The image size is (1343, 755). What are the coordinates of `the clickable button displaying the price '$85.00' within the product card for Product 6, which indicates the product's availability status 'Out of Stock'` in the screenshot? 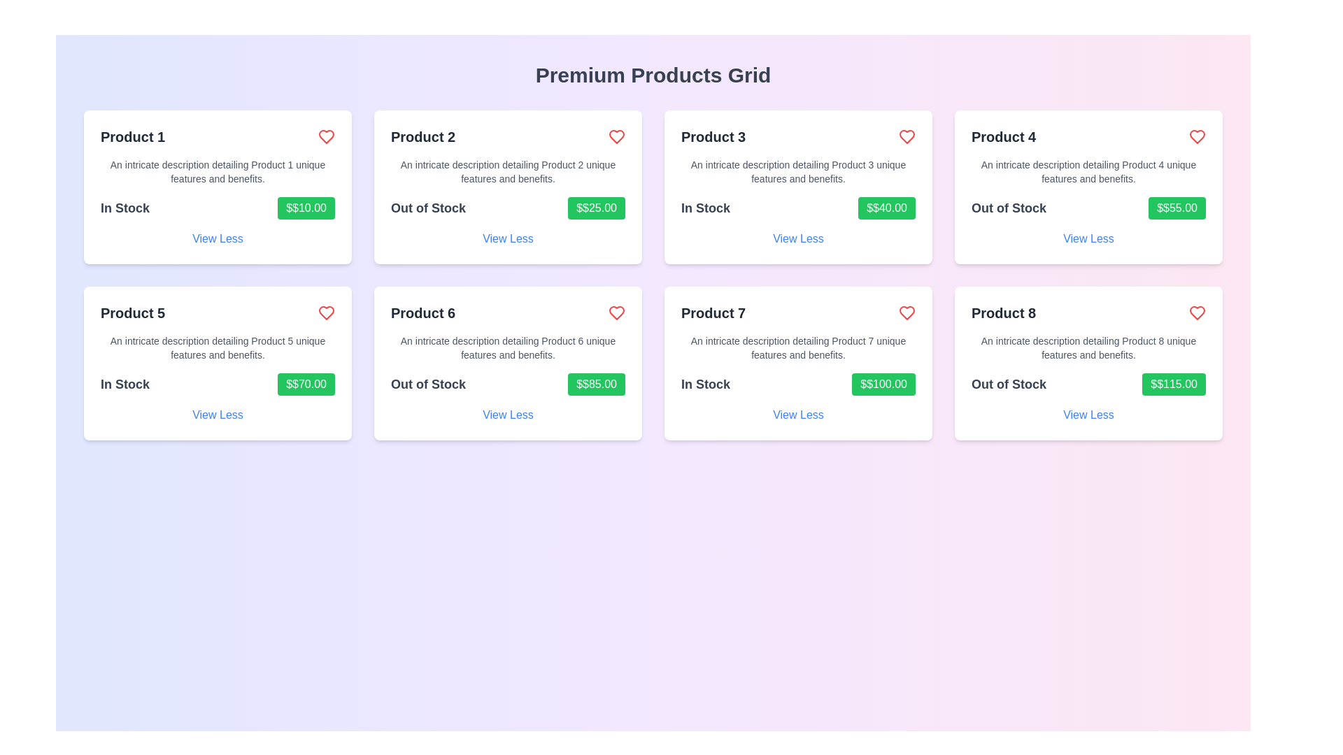 It's located at (507, 384).